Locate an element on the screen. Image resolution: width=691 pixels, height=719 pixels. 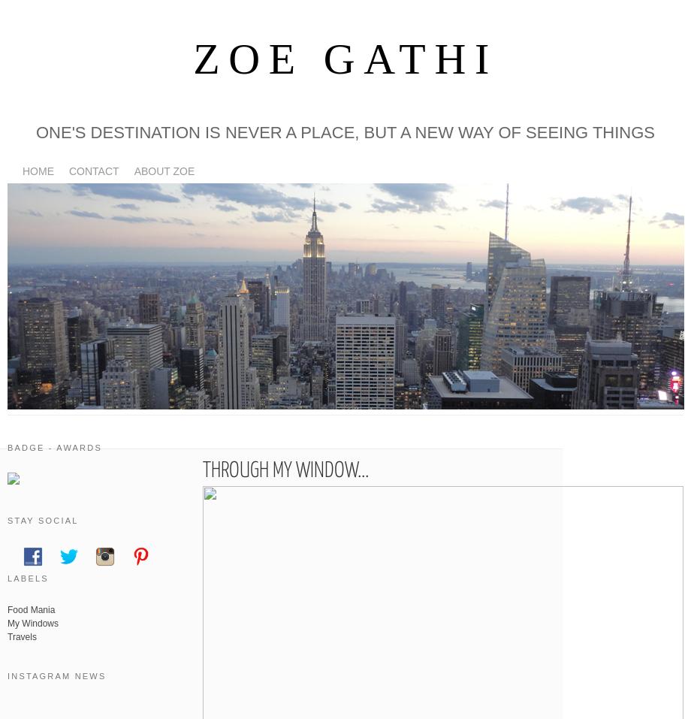
'Zoe gathi' is located at coordinates (344, 58).